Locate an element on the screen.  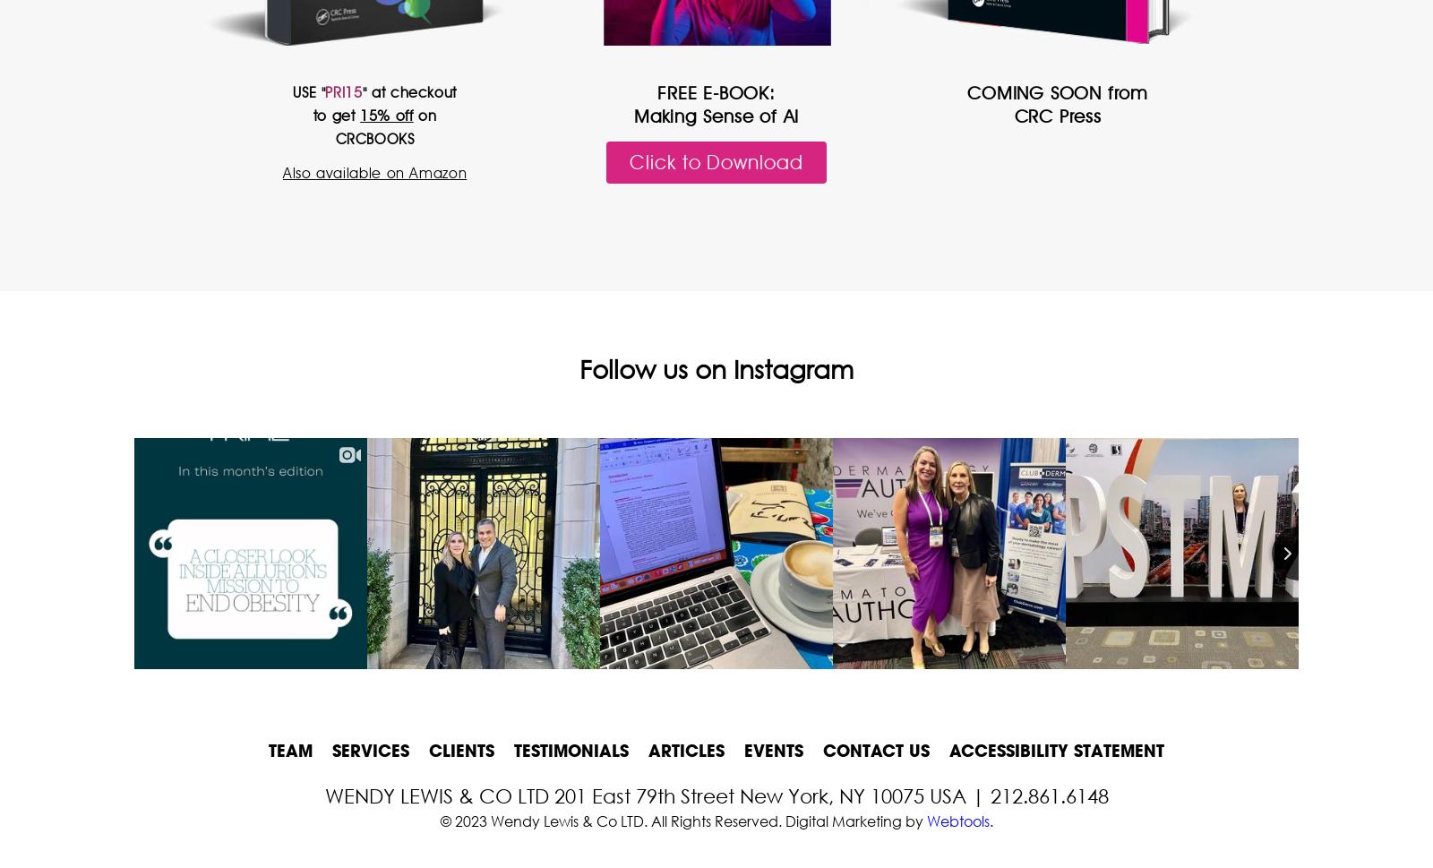
'CRC Press' is located at coordinates (1057, 115).